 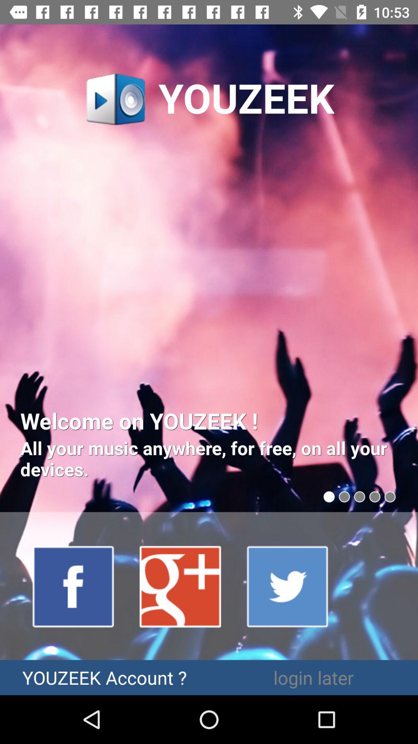 What do you see at coordinates (288, 586) in the screenshot?
I see `twitter` at bounding box center [288, 586].